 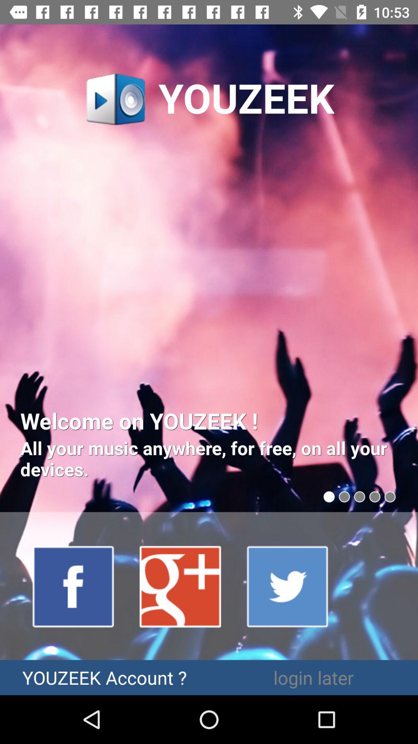 What do you see at coordinates (288, 586) in the screenshot?
I see `twitter` at bounding box center [288, 586].